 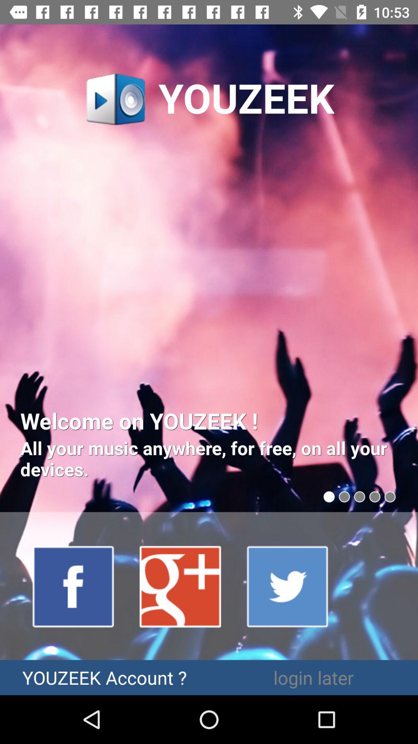 What do you see at coordinates (288, 586) in the screenshot?
I see `twitter` at bounding box center [288, 586].